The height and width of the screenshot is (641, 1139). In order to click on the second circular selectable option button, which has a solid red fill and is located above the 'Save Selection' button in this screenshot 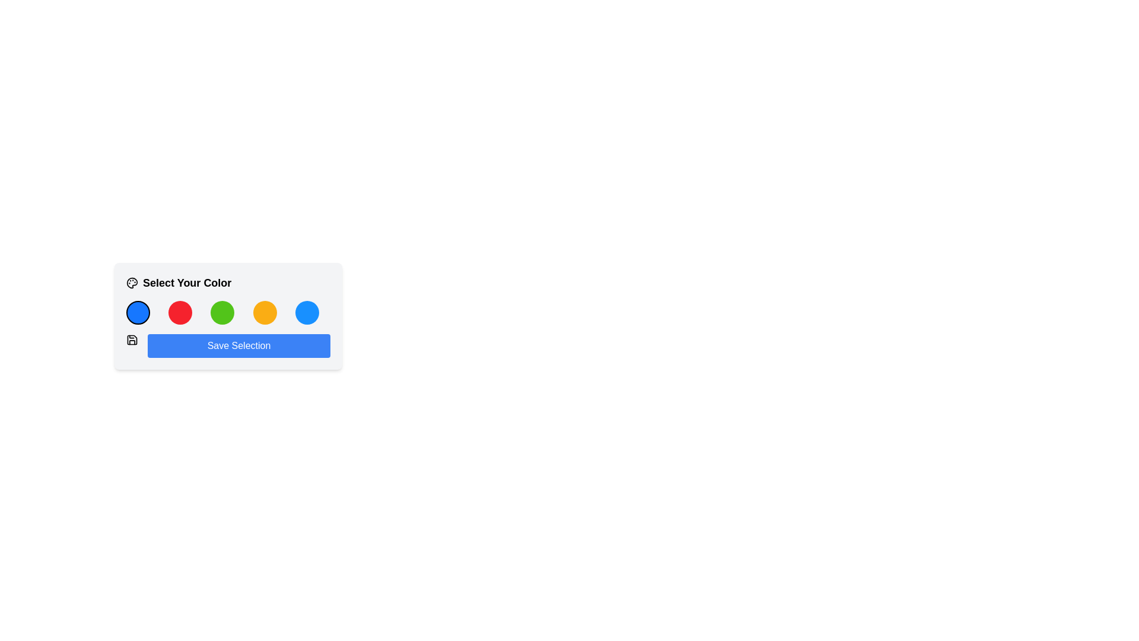, I will do `click(180, 312)`.